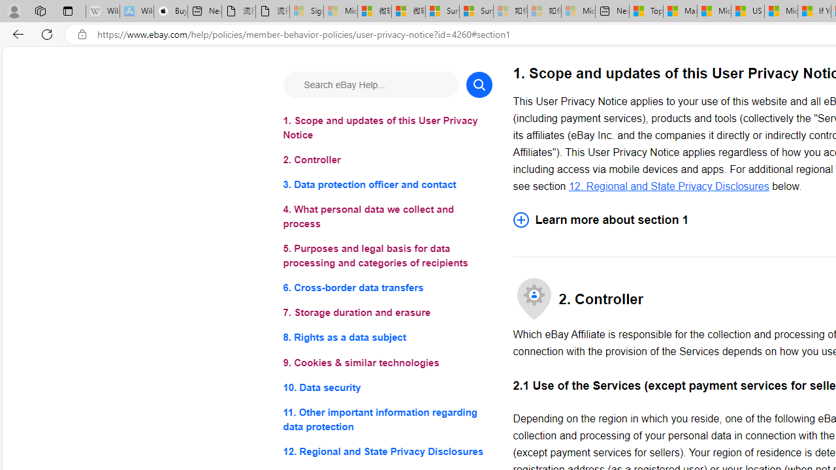  Describe the element at coordinates (669, 185) in the screenshot. I see `'12. Regional and State Privacy Disclosures'` at that location.